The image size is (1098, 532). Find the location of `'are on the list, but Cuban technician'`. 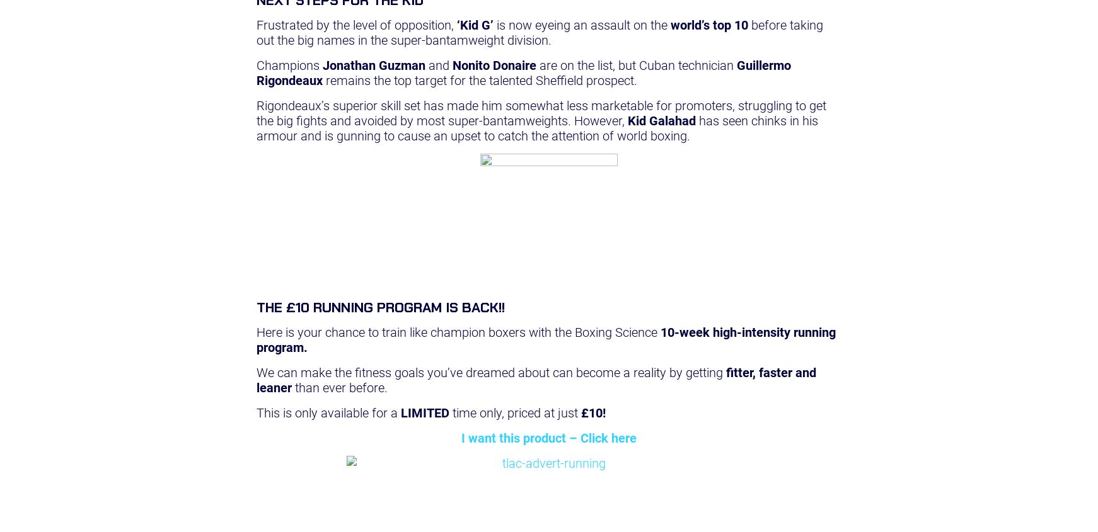

'are on the list, but Cuban technician' is located at coordinates (636, 65).